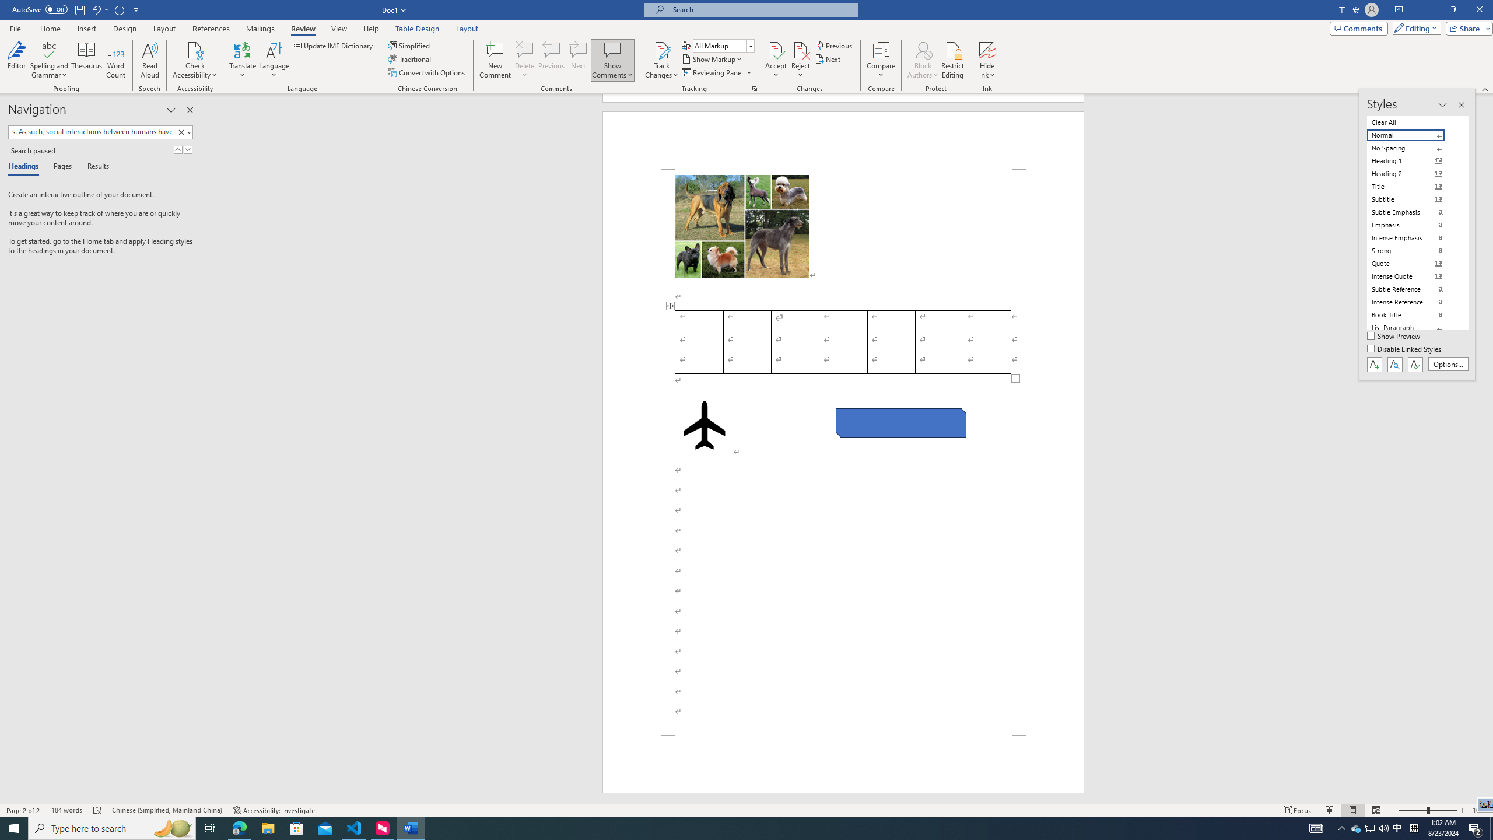 The width and height of the screenshot is (1493, 840). What do you see at coordinates (953, 60) in the screenshot?
I see `'Restrict Editing'` at bounding box center [953, 60].